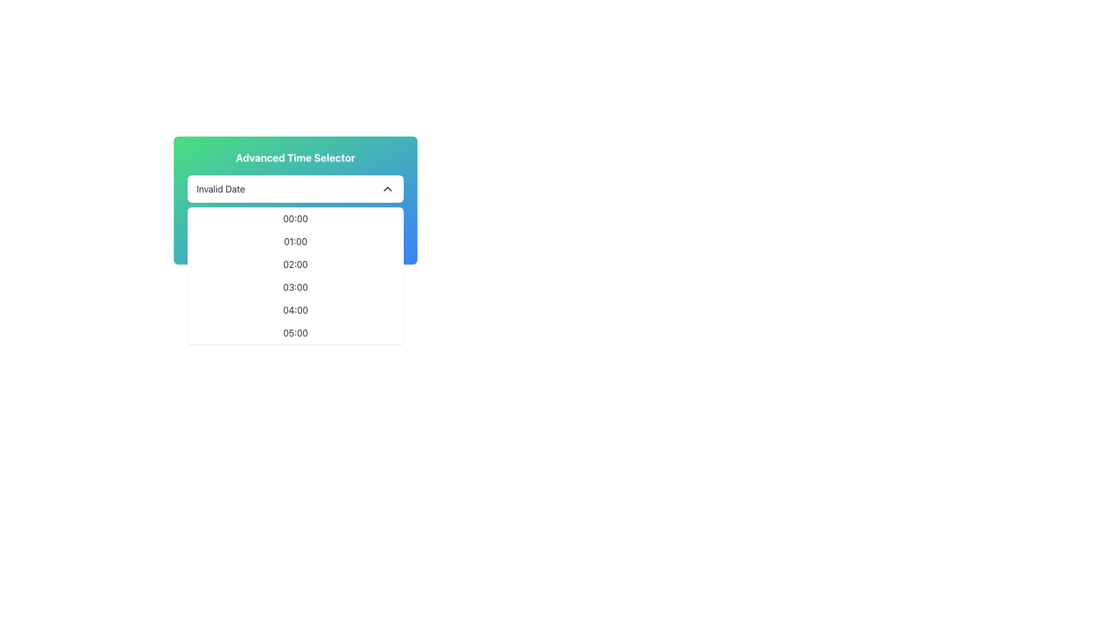 The image size is (1098, 617). I want to click on the text label displaying '04:00' in the dropdown menu with a white background and gray text, so click(296, 310).